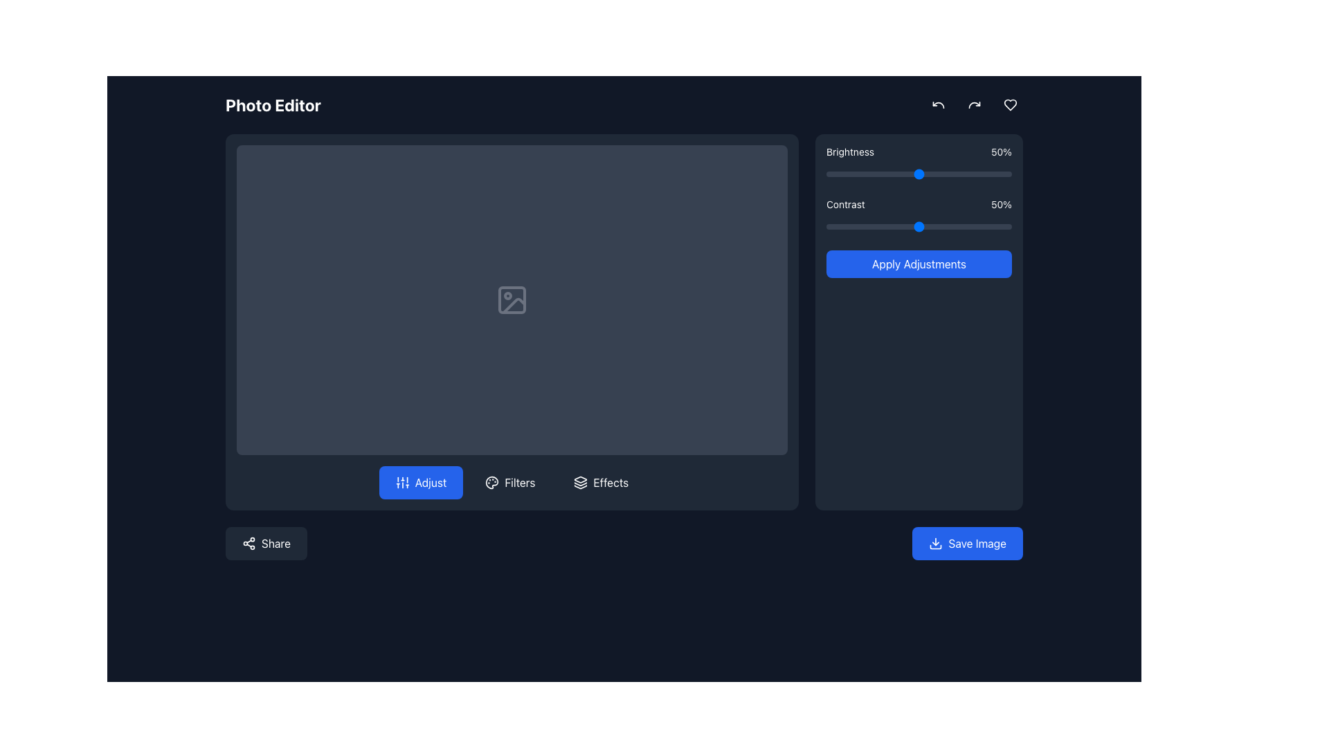  Describe the element at coordinates (919, 216) in the screenshot. I see `the contrast adjustment slider located in the right-side panel, positioned below the 'Brightness 50%' slider and above the 'Apply Adjustments' button` at that location.